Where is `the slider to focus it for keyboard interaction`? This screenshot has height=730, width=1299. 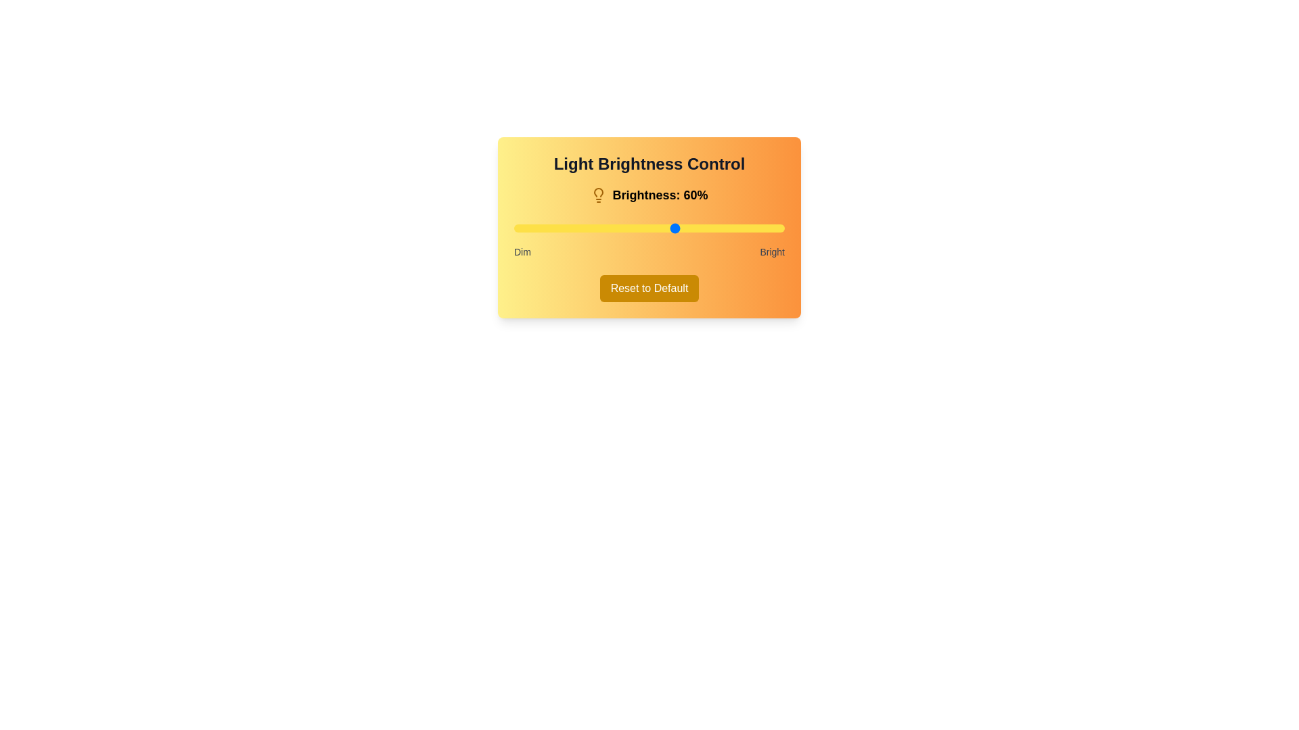 the slider to focus it for keyboard interaction is located at coordinates (649, 228).